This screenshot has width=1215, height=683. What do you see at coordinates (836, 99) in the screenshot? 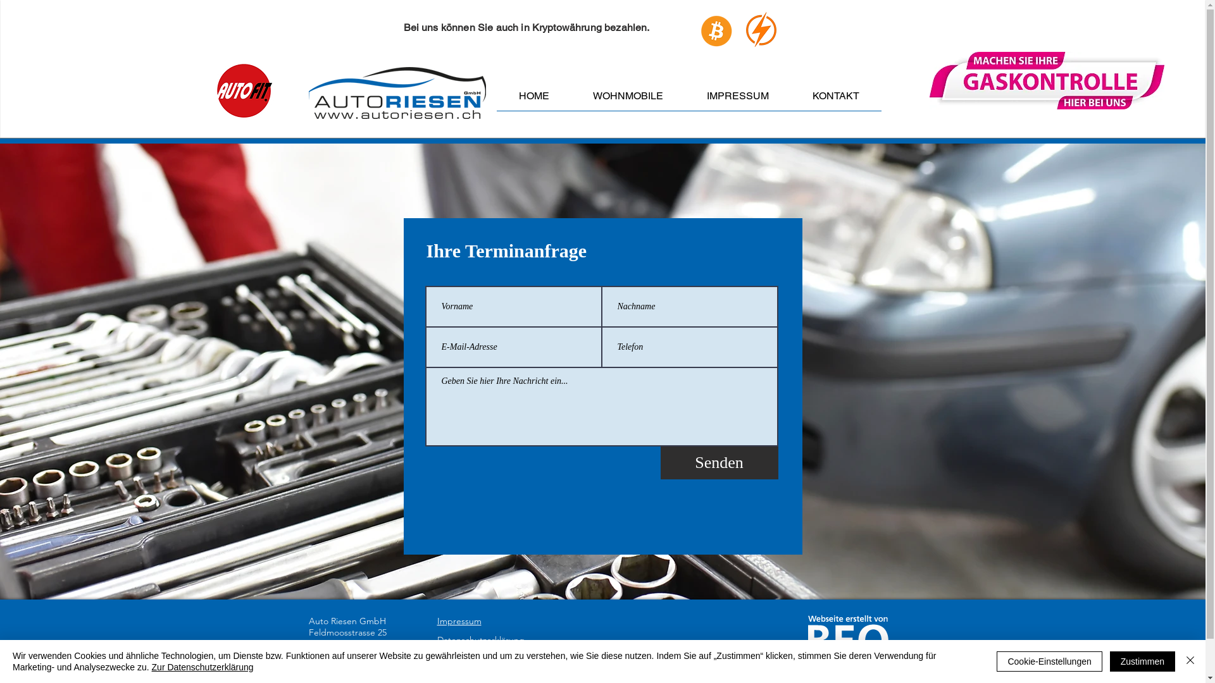
I see `'KONTAKT'` at bounding box center [836, 99].